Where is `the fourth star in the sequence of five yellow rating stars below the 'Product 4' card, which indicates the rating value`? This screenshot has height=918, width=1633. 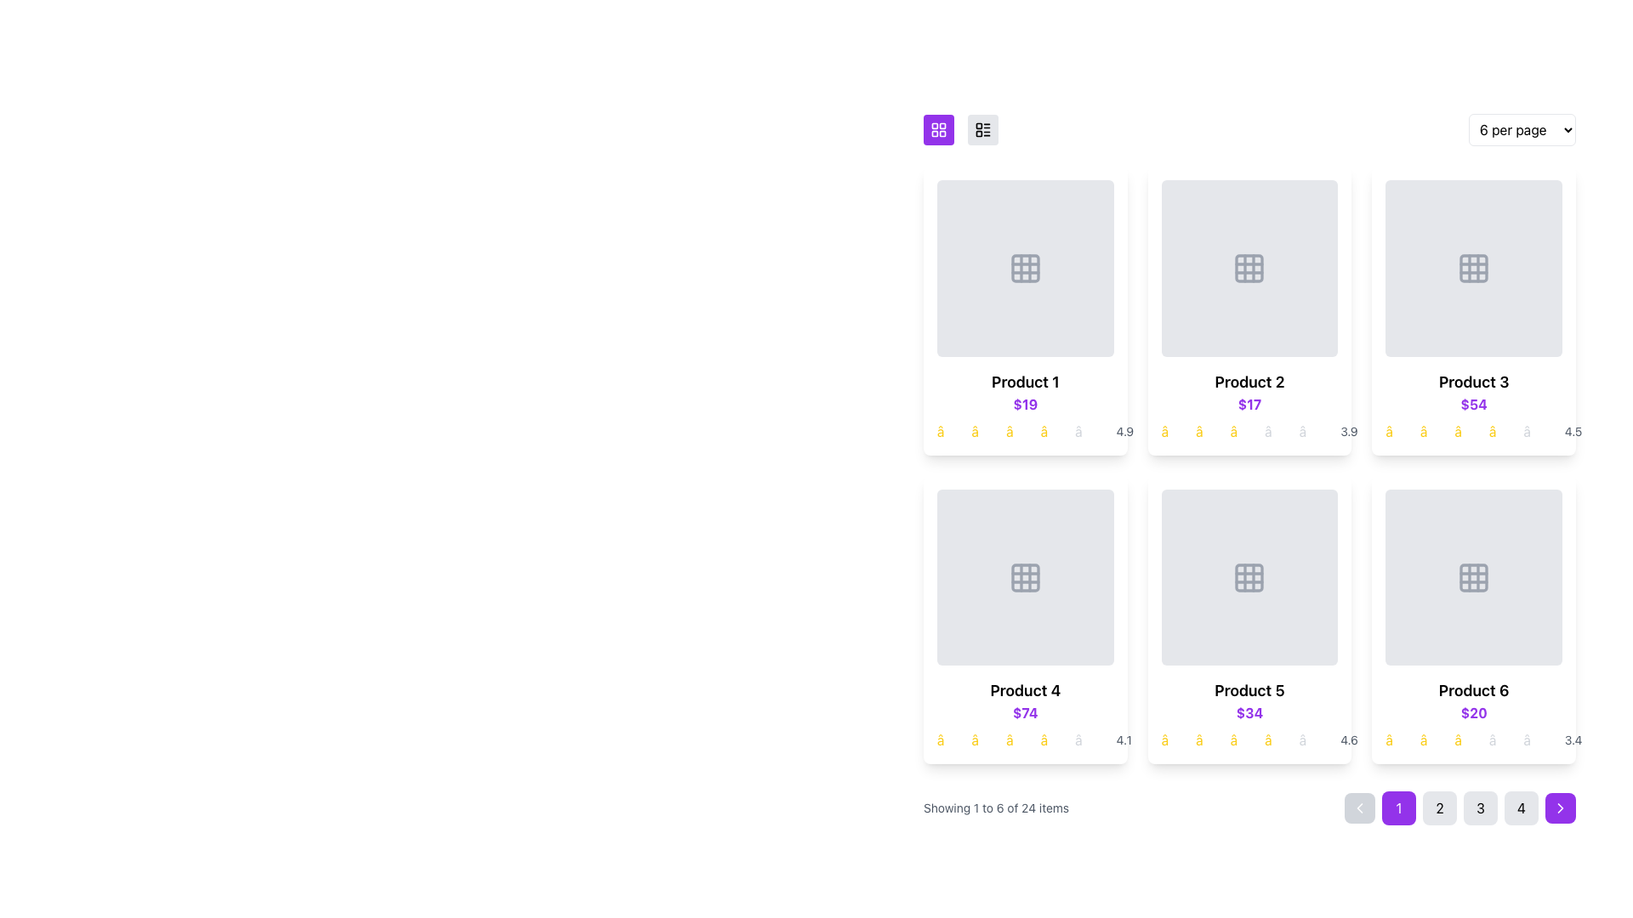
the fourth star in the sequence of five yellow rating stars below the 'Product 4' card, which indicates the rating value is located at coordinates (1056, 739).